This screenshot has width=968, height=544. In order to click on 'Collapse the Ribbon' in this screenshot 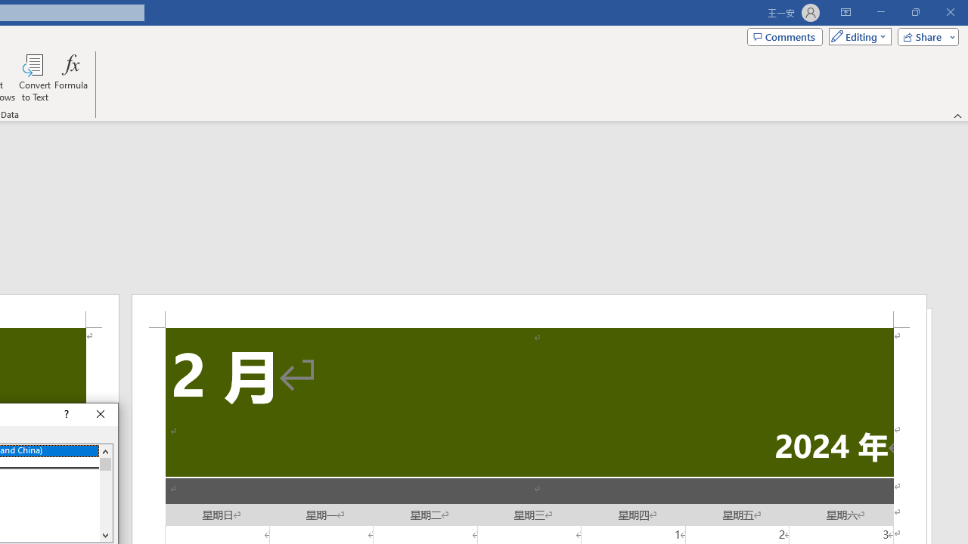, I will do `click(957, 115)`.